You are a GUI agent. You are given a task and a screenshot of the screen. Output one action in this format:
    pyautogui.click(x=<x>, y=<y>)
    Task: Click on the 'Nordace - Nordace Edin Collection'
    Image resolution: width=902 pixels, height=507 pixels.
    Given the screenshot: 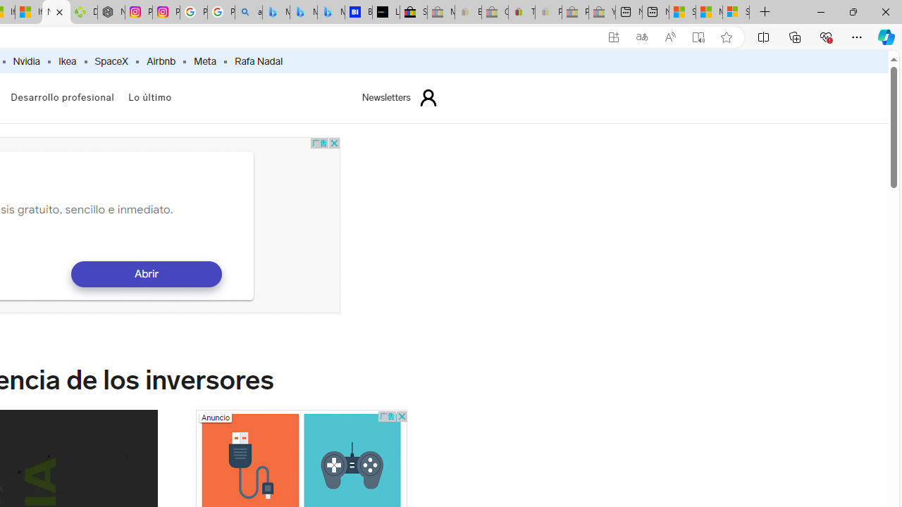 What is the action you would take?
    pyautogui.click(x=111, y=12)
    